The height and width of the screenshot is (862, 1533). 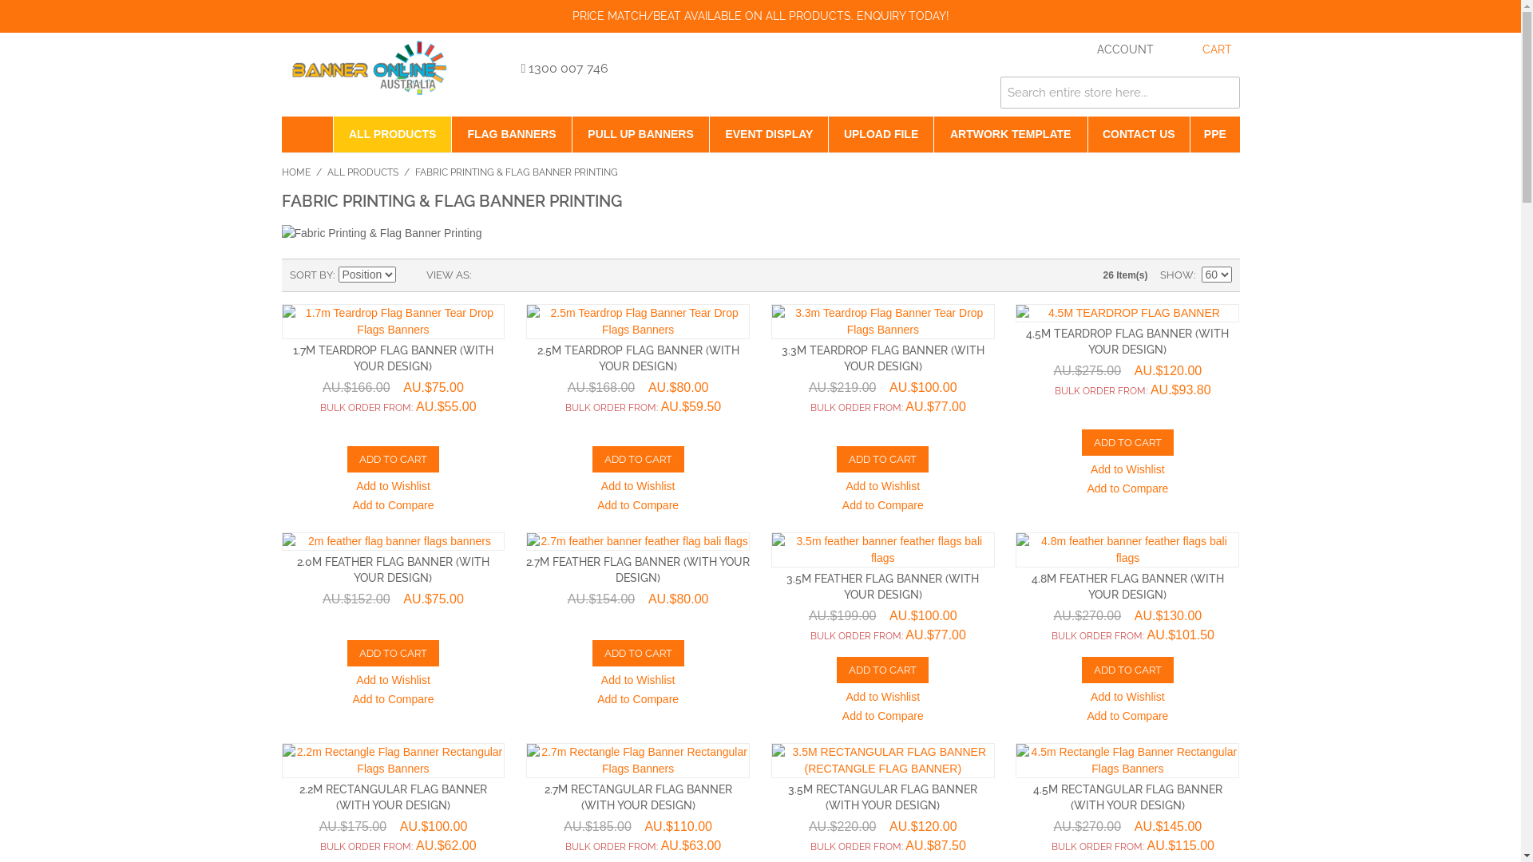 What do you see at coordinates (1026, 341) in the screenshot?
I see `'4.5M TEARDROP FLAG BANNER (WITH YOUR DESIGN)'` at bounding box center [1026, 341].